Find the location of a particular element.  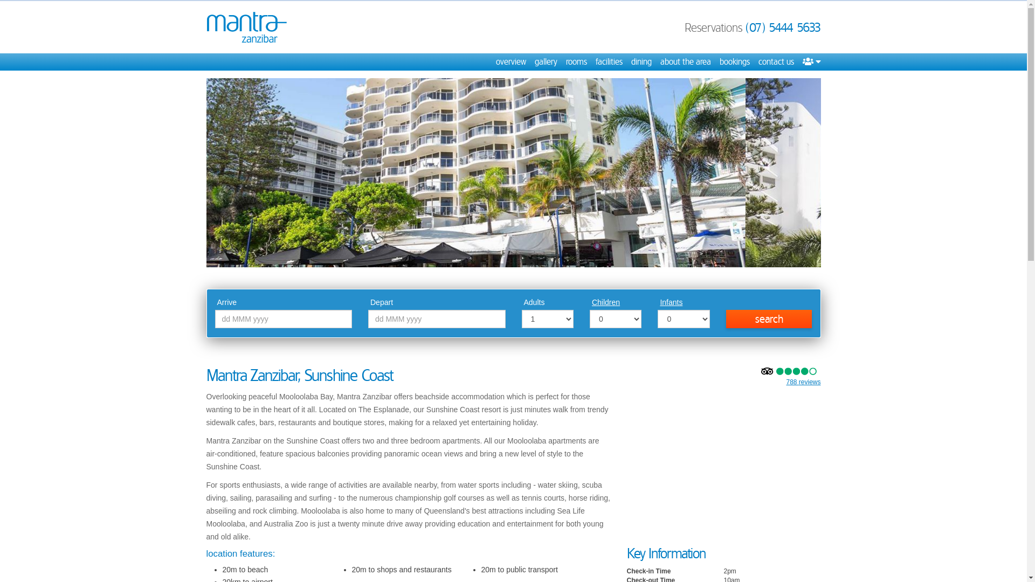

'Building-Mantra Zanzibar' is located at coordinates (512, 172).